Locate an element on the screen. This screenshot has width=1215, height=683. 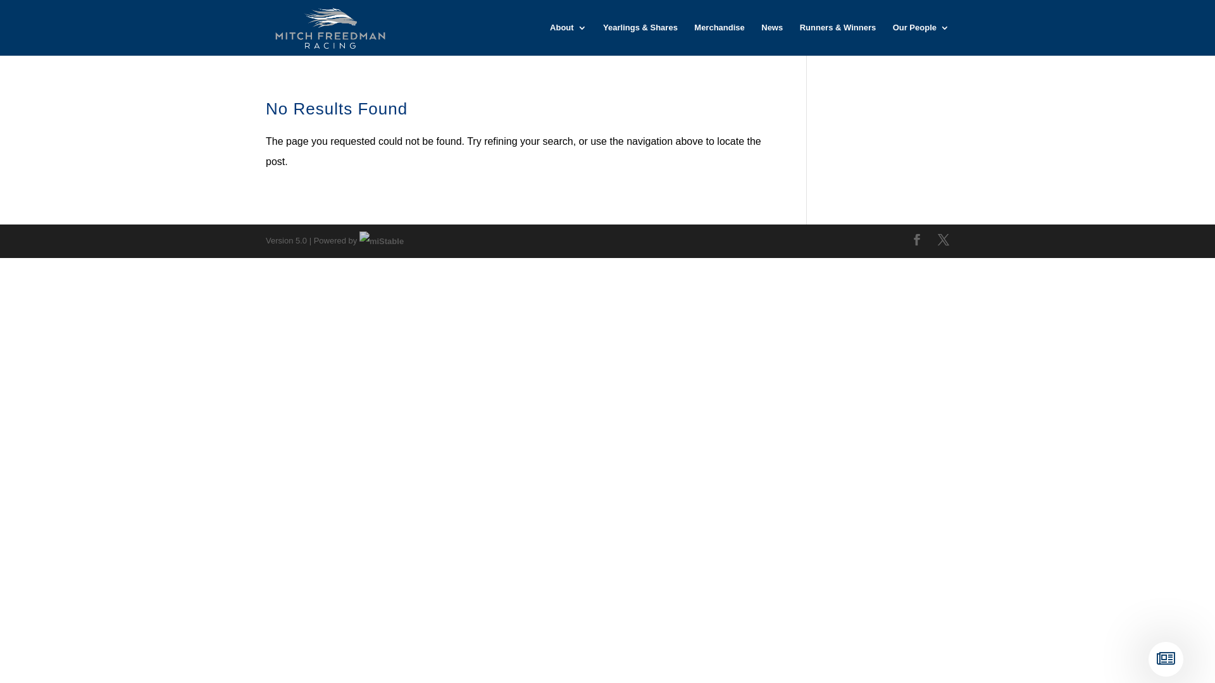
'About' is located at coordinates (567, 39).